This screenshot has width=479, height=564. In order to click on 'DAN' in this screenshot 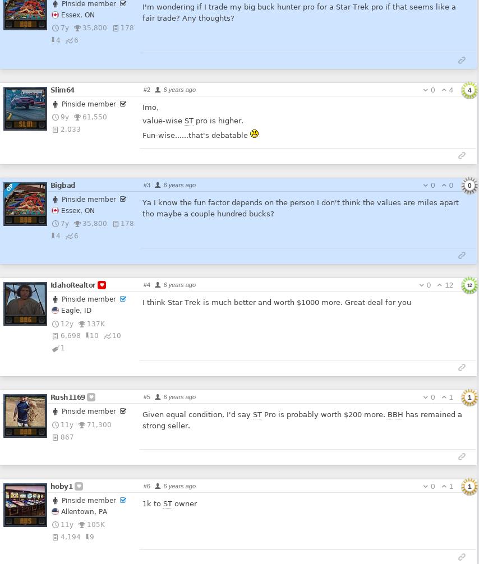, I will do `click(26, 431)`.